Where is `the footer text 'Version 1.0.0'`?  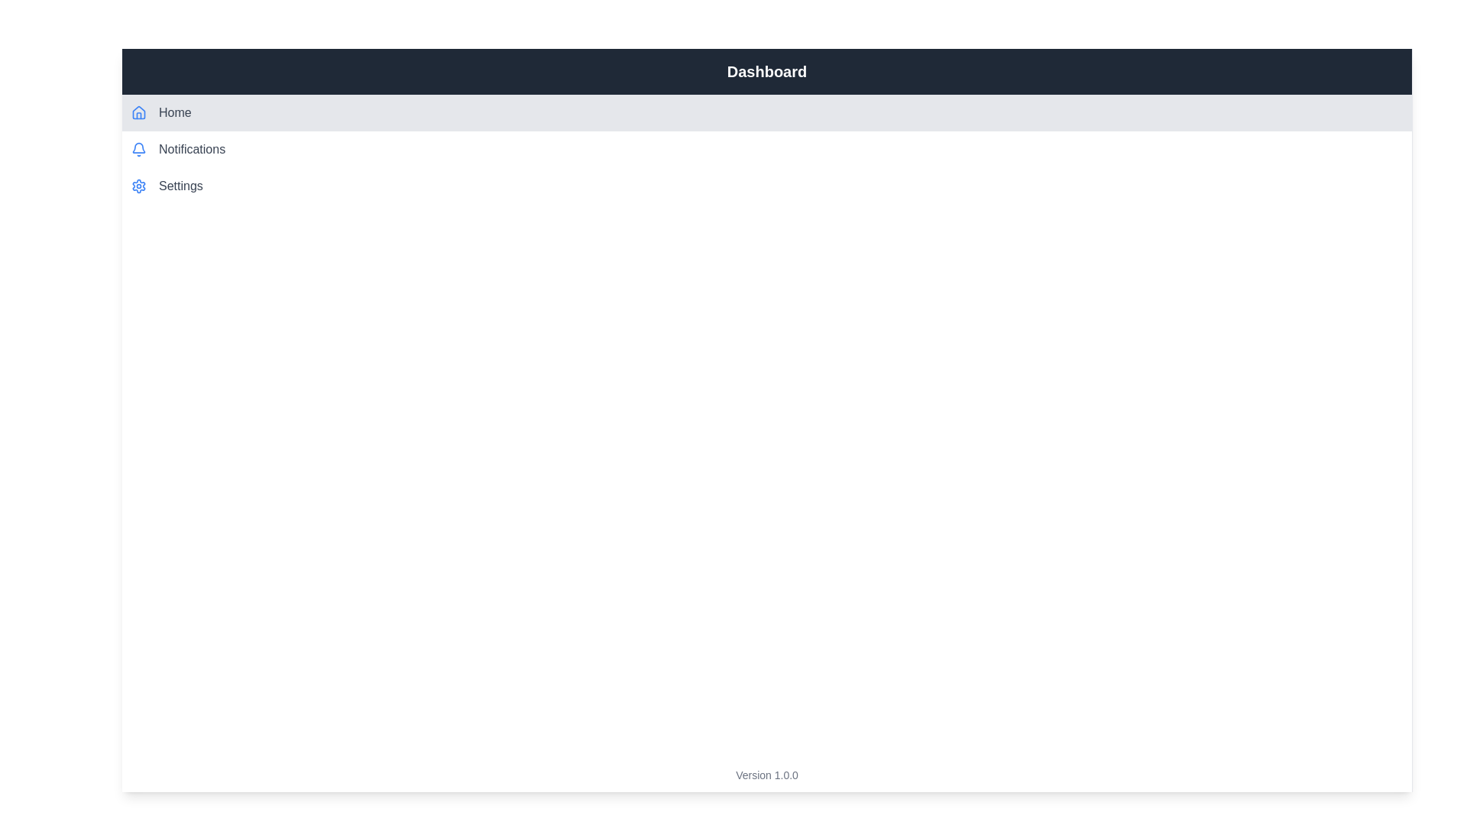 the footer text 'Version 1.0.0' is located at coordinates (766, 775).